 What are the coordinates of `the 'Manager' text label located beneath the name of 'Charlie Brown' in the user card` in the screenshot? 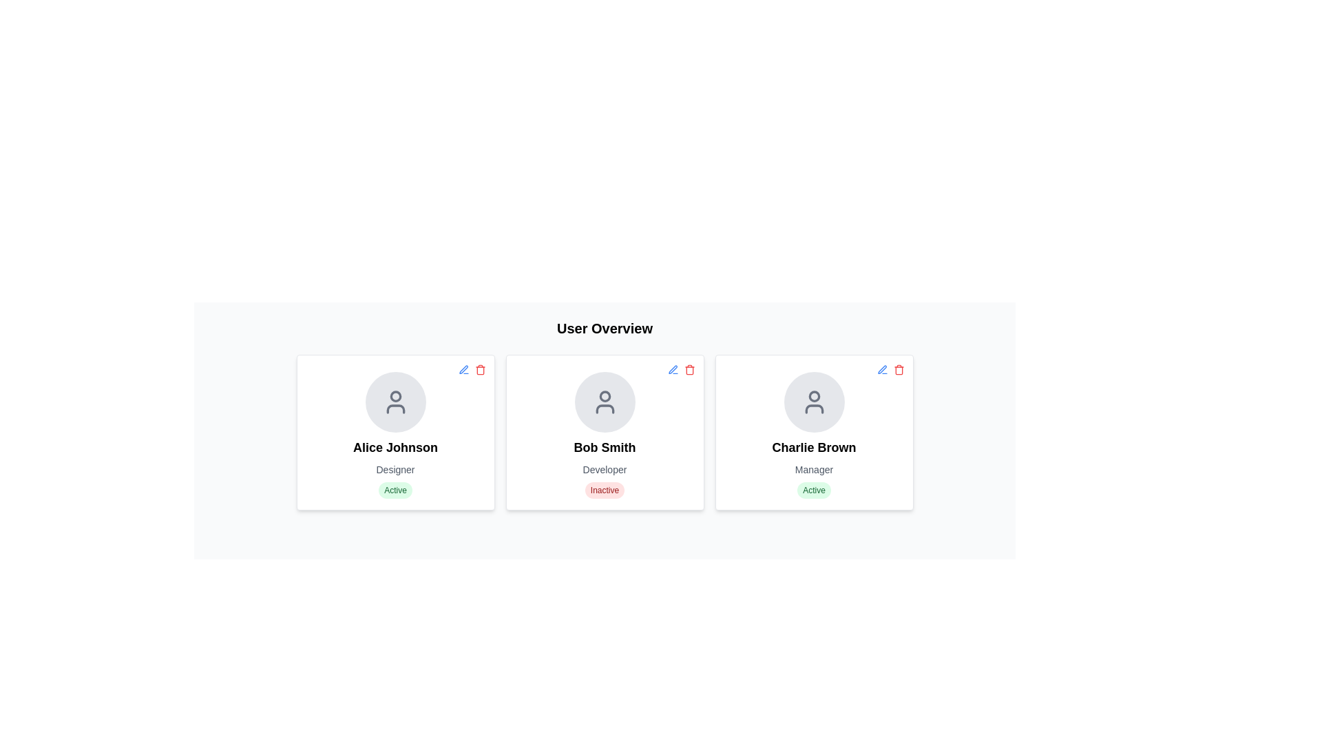 It's located at (814, 469).